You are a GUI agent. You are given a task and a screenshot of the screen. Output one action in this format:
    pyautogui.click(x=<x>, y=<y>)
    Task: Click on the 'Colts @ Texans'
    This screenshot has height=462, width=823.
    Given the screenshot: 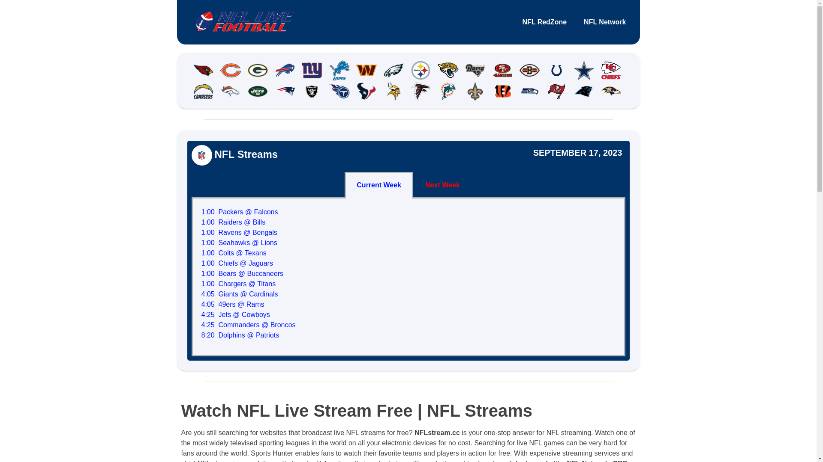 What is the action you would take?
    pyautogui.click(x=242, y=252)
    